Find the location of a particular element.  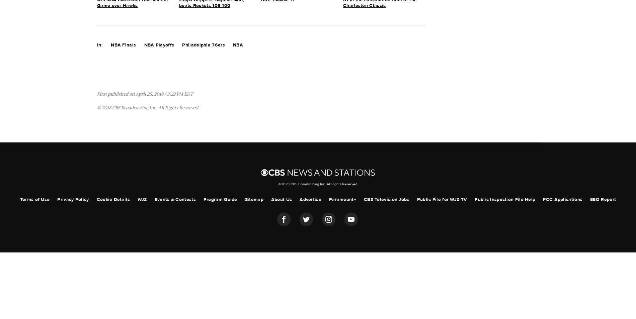

'Sitemap' is located at coordinates (253, 199).